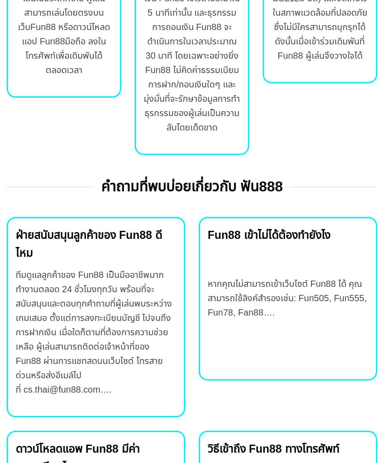 The height and width of the screenshot is (463, 384). What do you see at coordinates (191, 186) in the screenshot?
I see `'คำถามที่พบบ่อยเกี่ยวกับ ฟัน888'` at bounding box center [191, 186].